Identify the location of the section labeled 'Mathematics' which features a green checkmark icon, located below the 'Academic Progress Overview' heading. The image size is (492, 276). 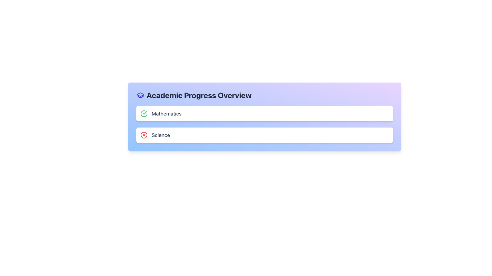
(264, 113).